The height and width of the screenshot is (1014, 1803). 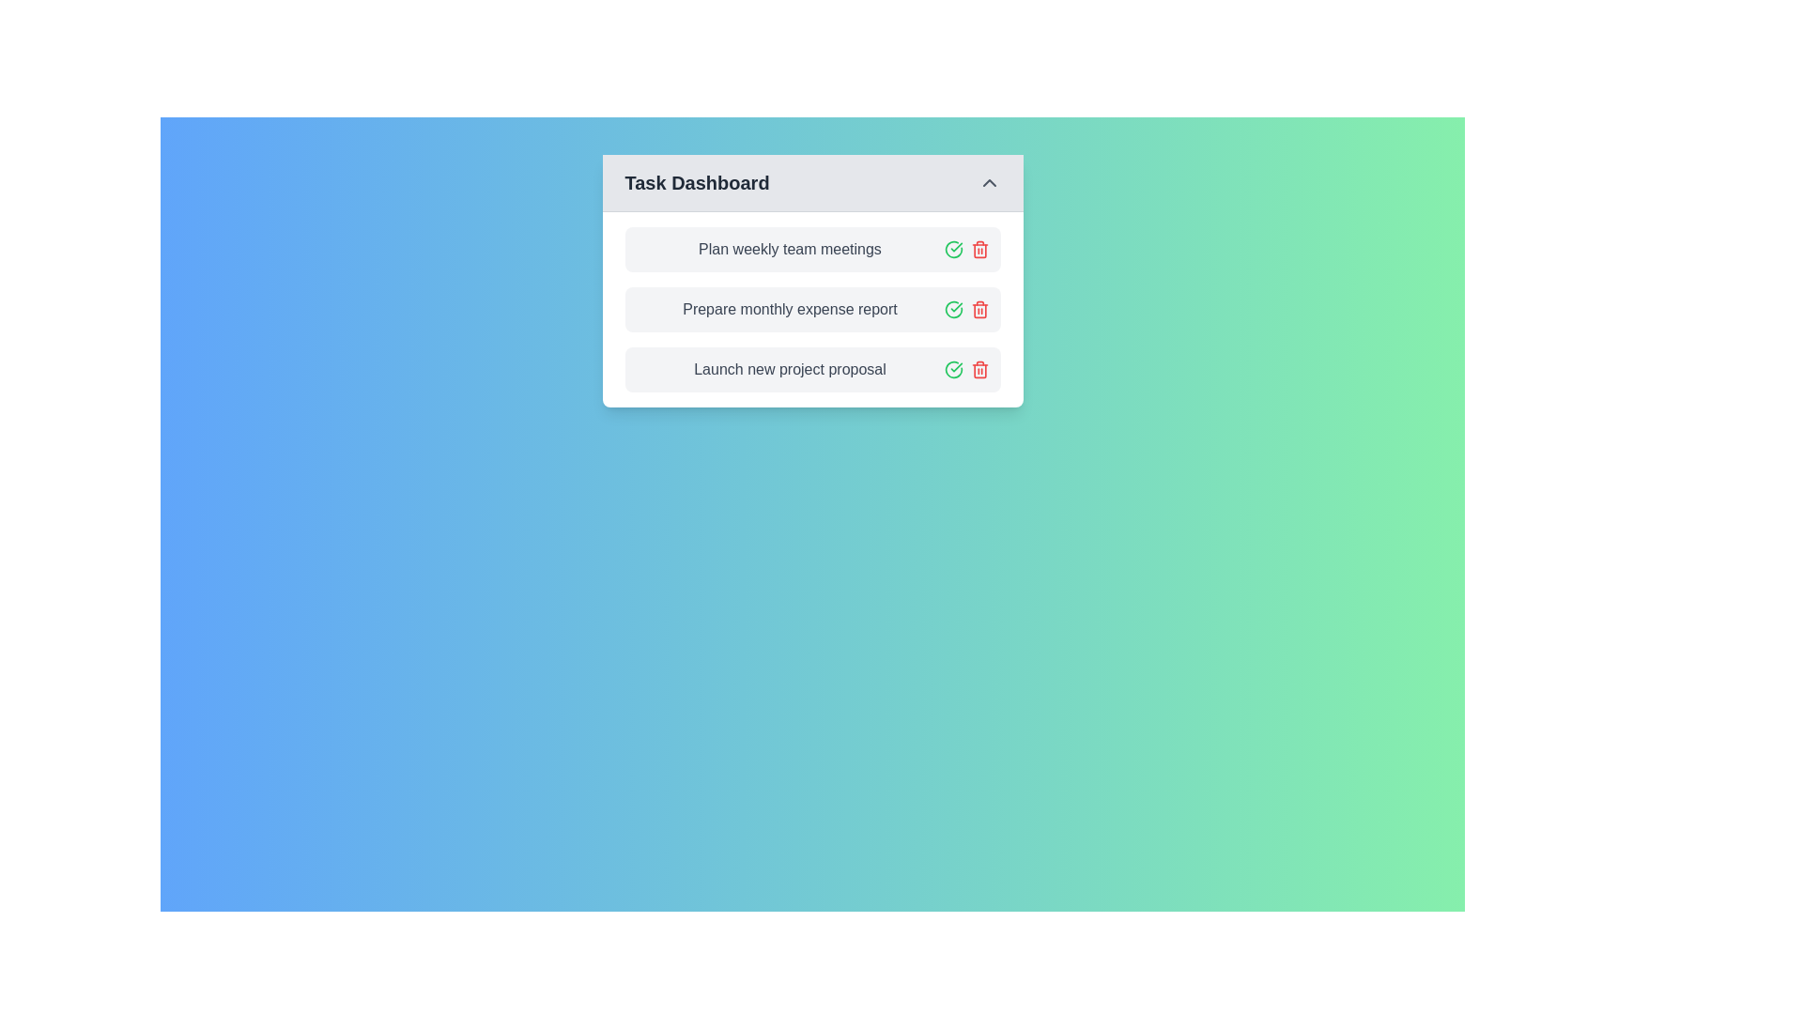 I want to click on the red trash bin icon button located in the third task row of the task management dashboard, so click(x=979, y=249).